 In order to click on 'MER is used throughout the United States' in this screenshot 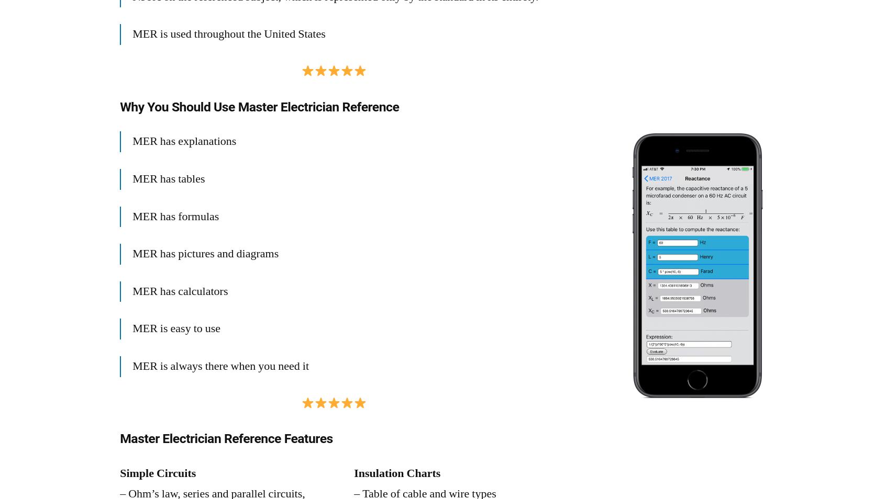, I will do `click(228, 33)`.